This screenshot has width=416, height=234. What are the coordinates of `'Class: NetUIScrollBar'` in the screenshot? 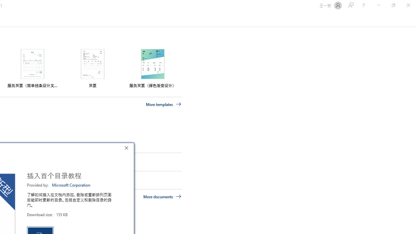 It's located at (413, 19).